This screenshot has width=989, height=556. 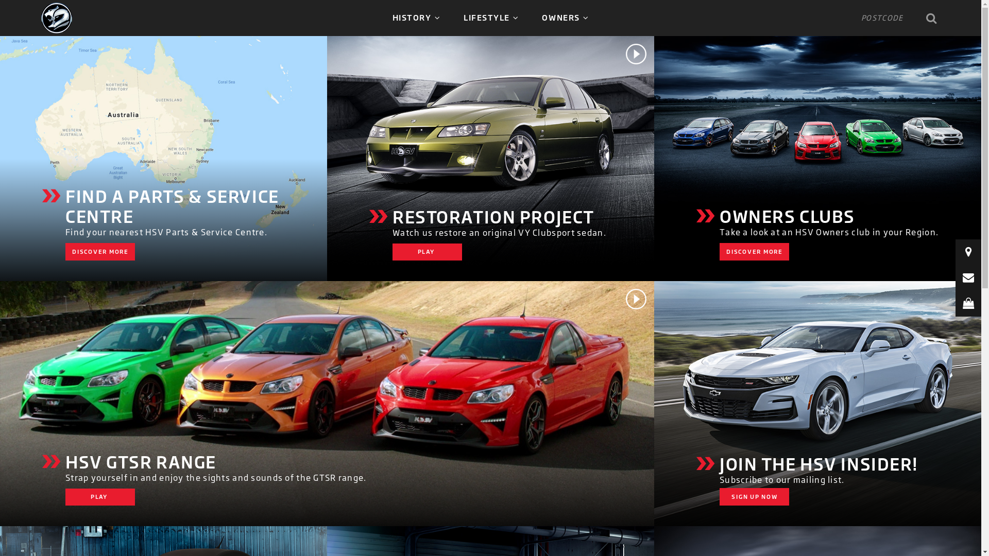 I want to click on 'HSV Owners Clubs', so click(x=654, y=159).